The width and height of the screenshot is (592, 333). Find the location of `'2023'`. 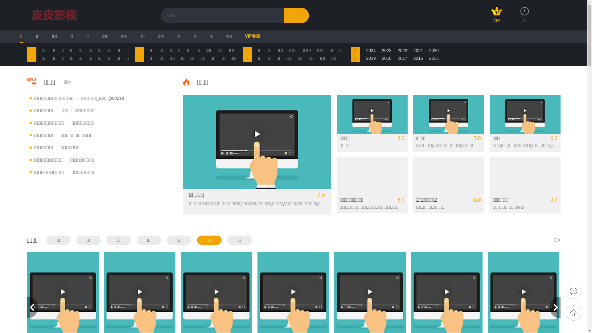

'2023' is located at coordinates (386, 50).